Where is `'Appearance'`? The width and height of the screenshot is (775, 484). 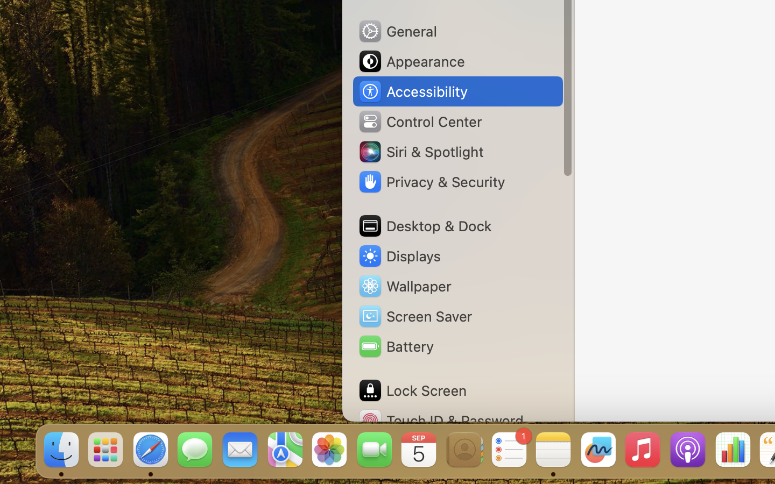 'Appearance' is located at coordinates (411, 61).